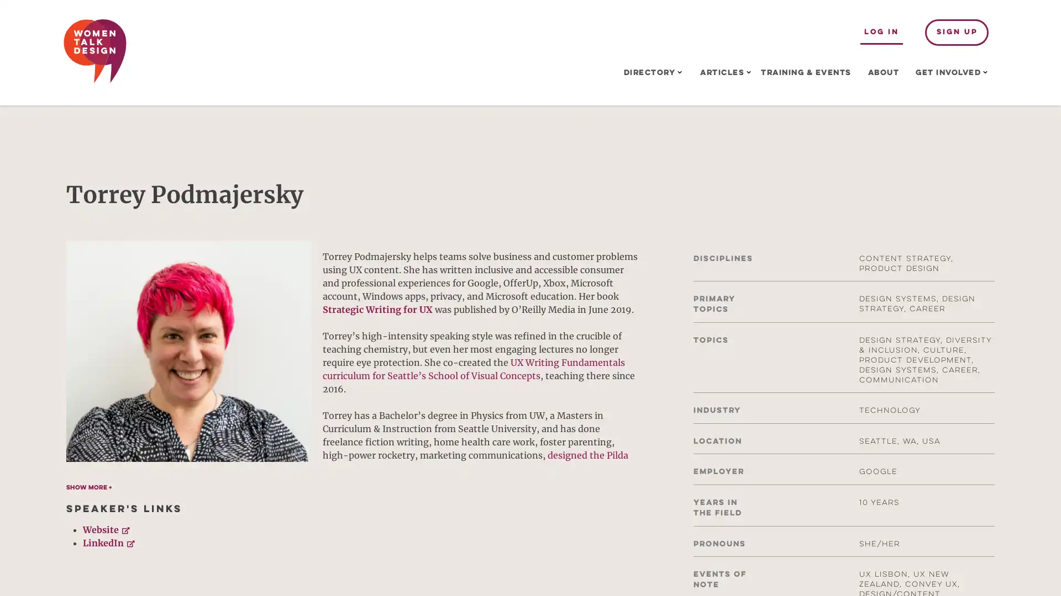  Describe the element at coordinates (89, 487) in the screenshot. I see `Show More +` at that location.